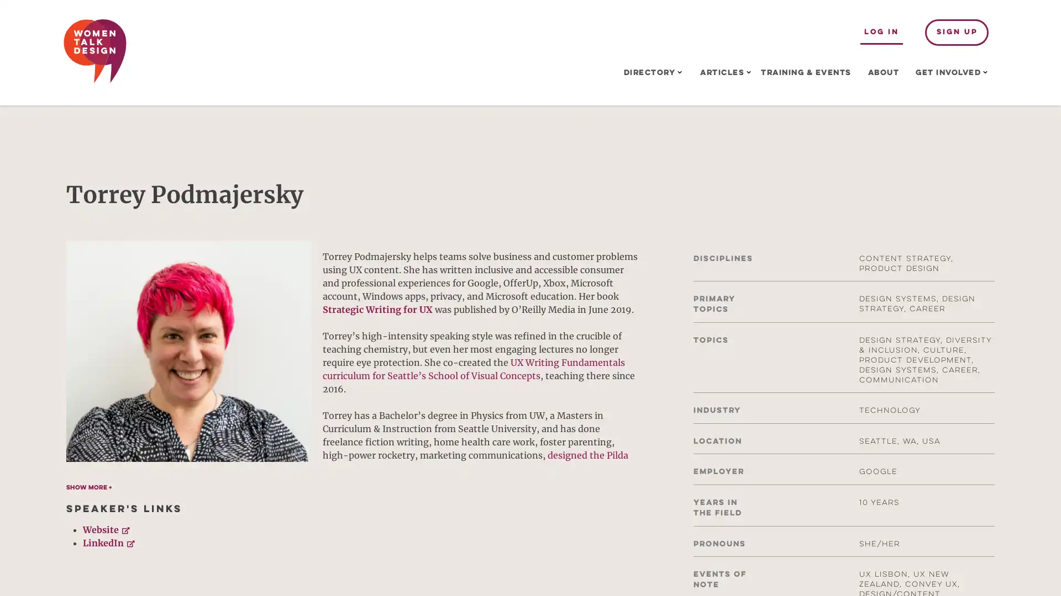  Describe the element at coordinates (89, 487) in the screenshot. I see `Show More +` at that location.